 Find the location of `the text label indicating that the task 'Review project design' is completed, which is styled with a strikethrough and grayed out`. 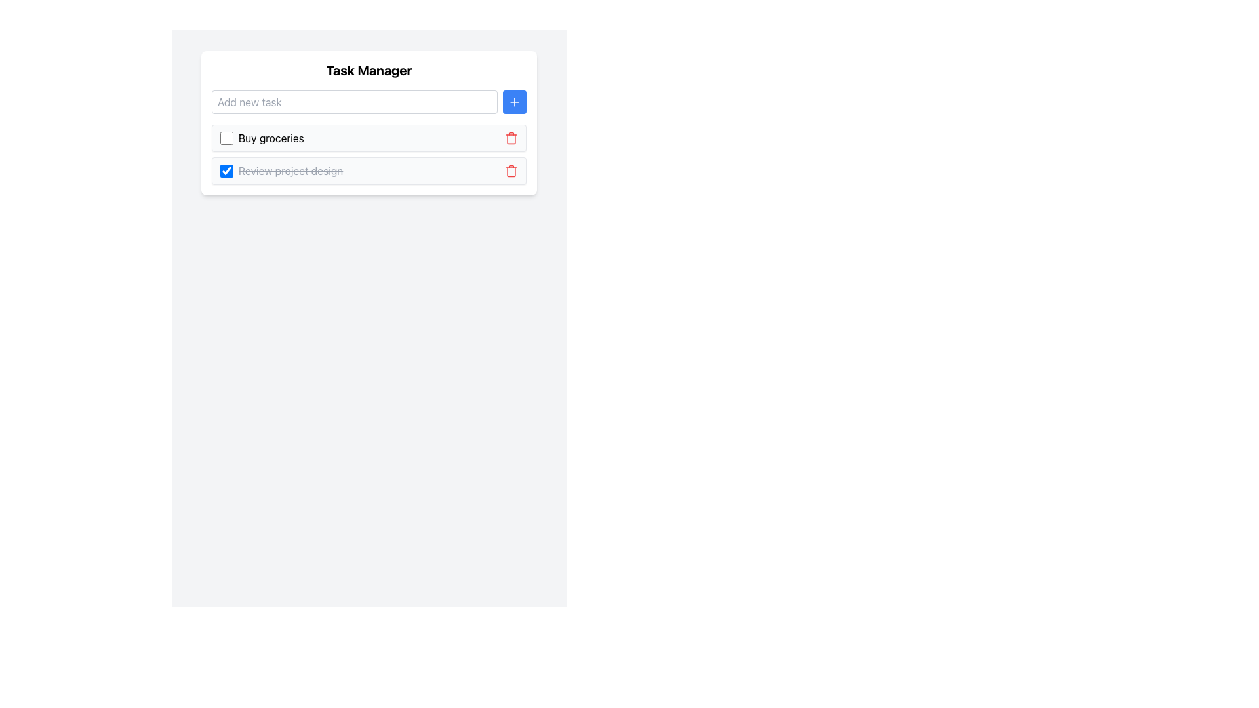

the text label indicating that the task 'Review project design' is completed, which is styled with a strikethrough and grayed out is located at coordinates (290, 170).